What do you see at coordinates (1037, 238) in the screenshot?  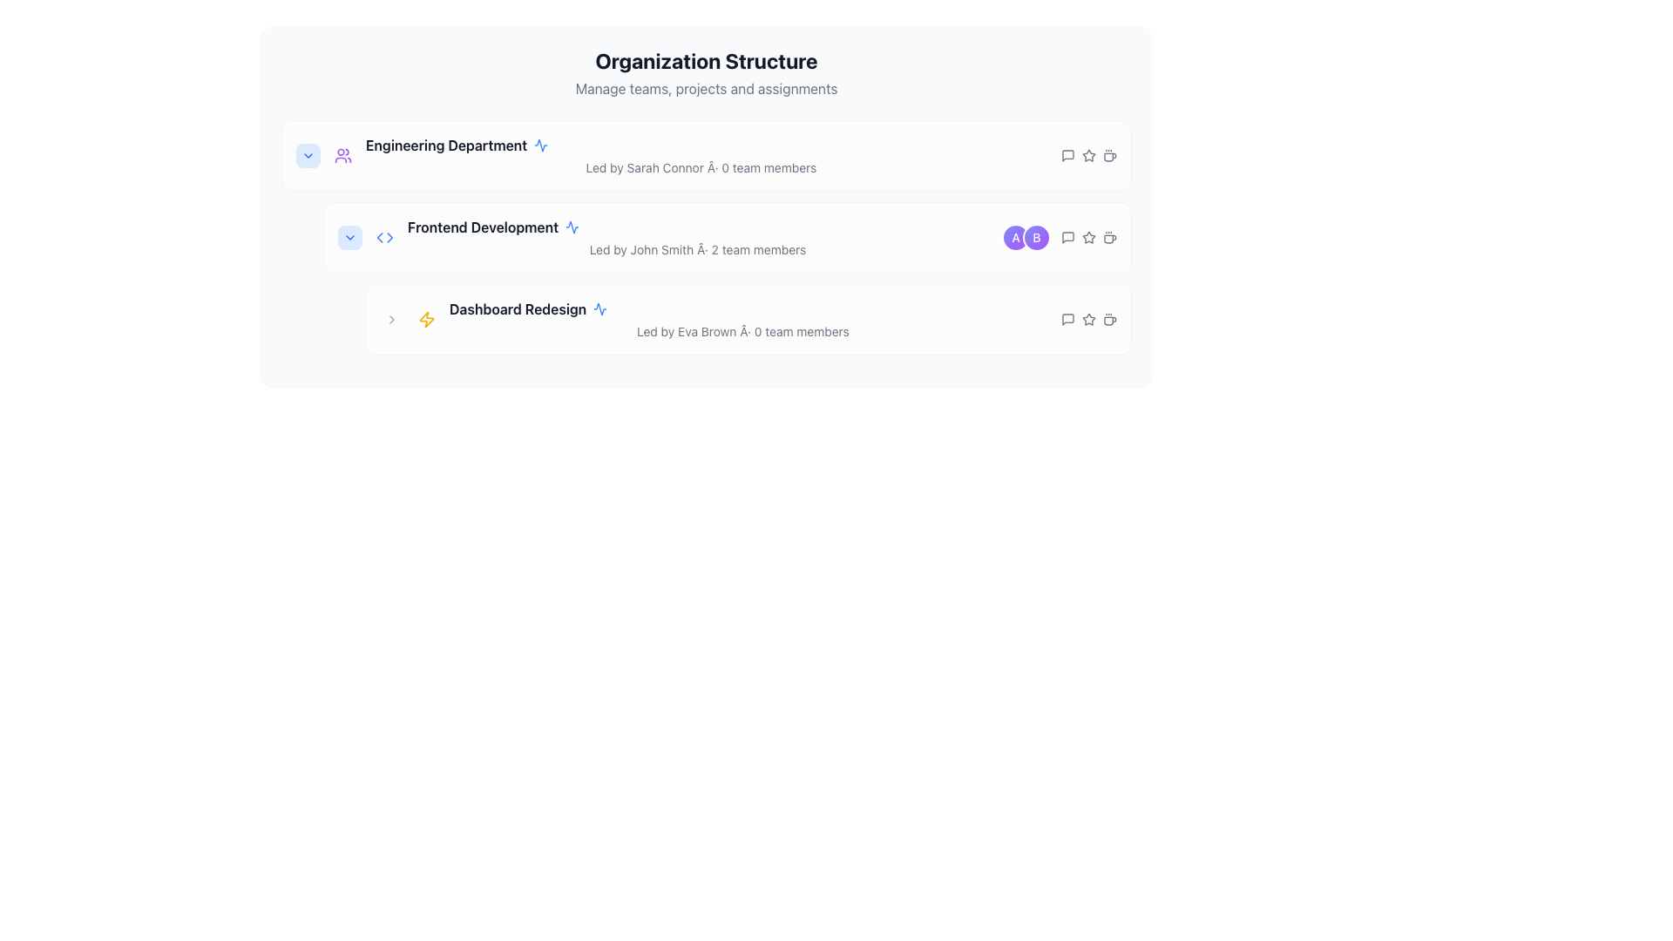 I see `the second avatar icon-button representing a team member in the Frontend Development row` at bounding box center [1037, 238].